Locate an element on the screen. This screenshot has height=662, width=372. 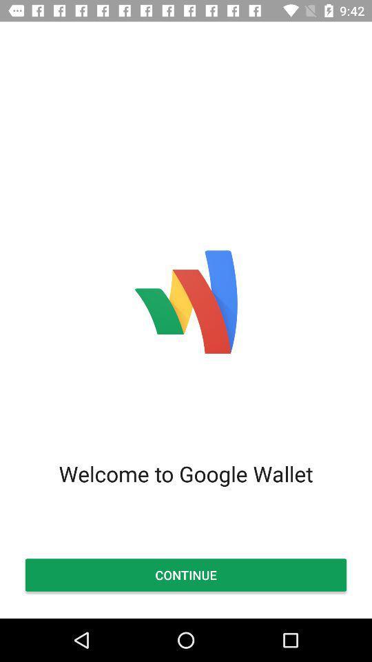
continue icon is located at coordinates (186, 575).